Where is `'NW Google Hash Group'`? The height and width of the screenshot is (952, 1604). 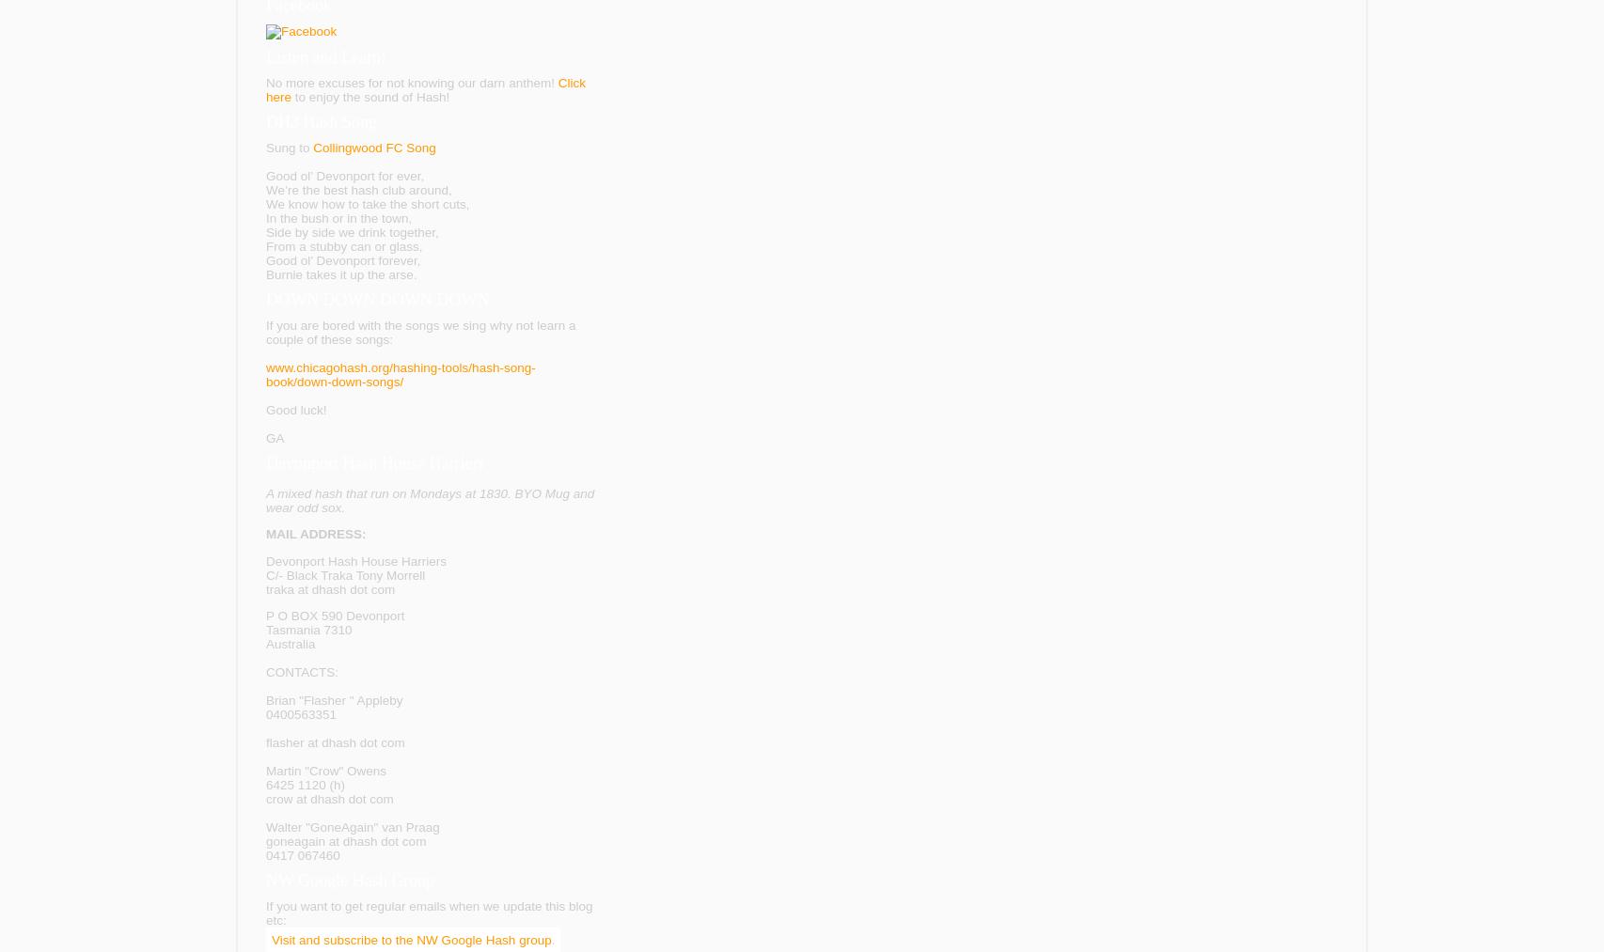
'NW Google Hash Group' is located at coordinates (266, 881).